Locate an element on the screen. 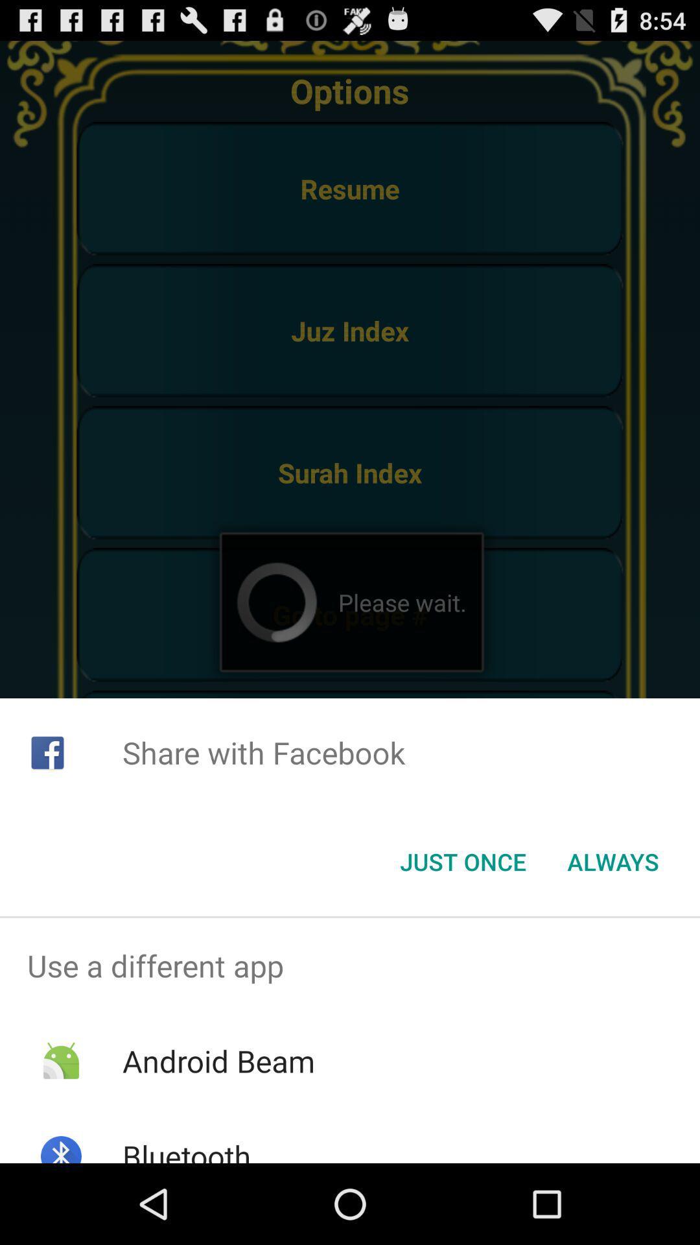 This screenshot has height=1245, width=700. the button to the left of always is located at coordinates (462, 862).